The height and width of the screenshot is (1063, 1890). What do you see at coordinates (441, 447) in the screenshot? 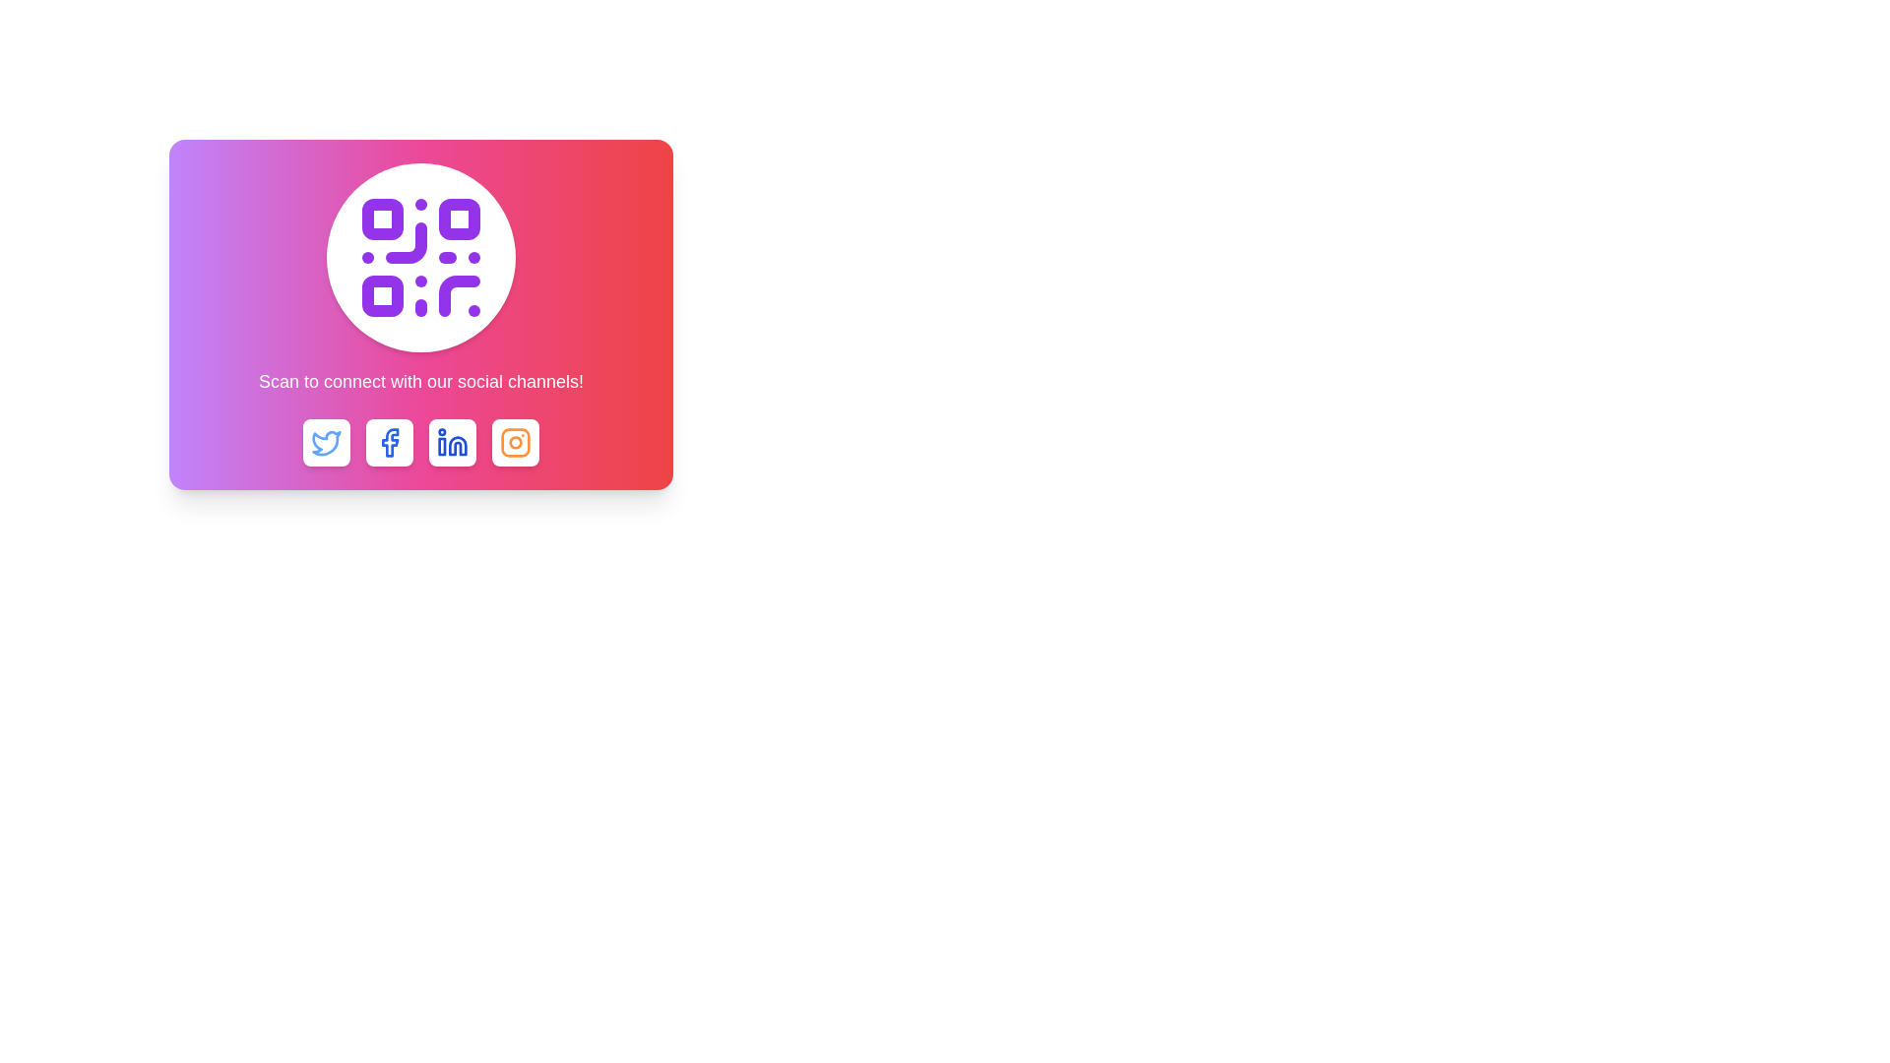
I see `the small vertical rectangle within the LinkedIn icon, which is part of the SVG structure and positioned on the right side of the social media icons row` at bounding box center [441, 447].